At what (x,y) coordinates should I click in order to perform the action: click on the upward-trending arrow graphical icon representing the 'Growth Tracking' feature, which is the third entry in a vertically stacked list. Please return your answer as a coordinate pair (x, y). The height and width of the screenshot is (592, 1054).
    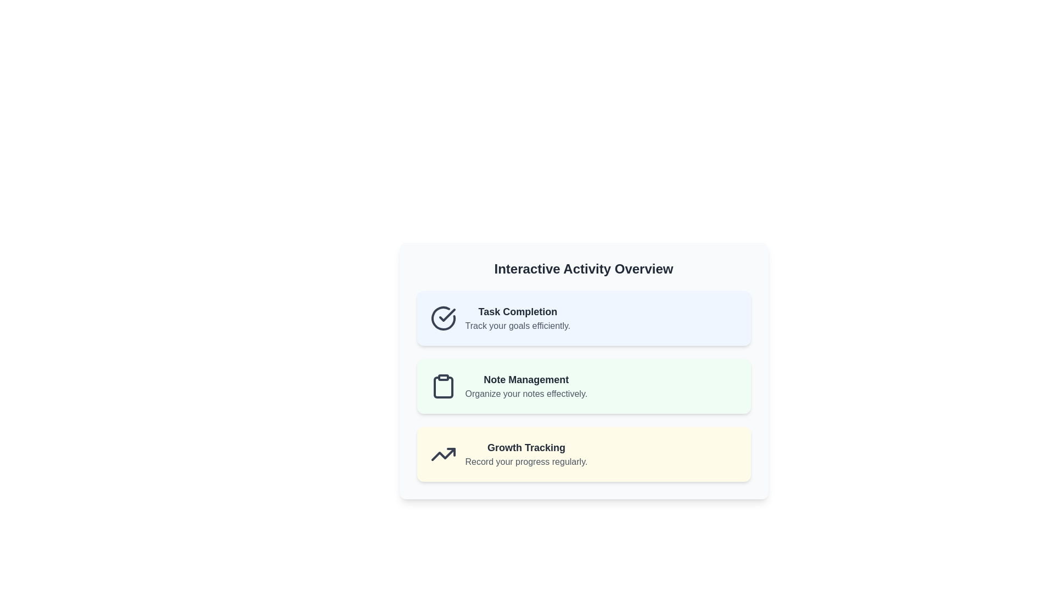
    Looking at the image, I should click on (443, 454).